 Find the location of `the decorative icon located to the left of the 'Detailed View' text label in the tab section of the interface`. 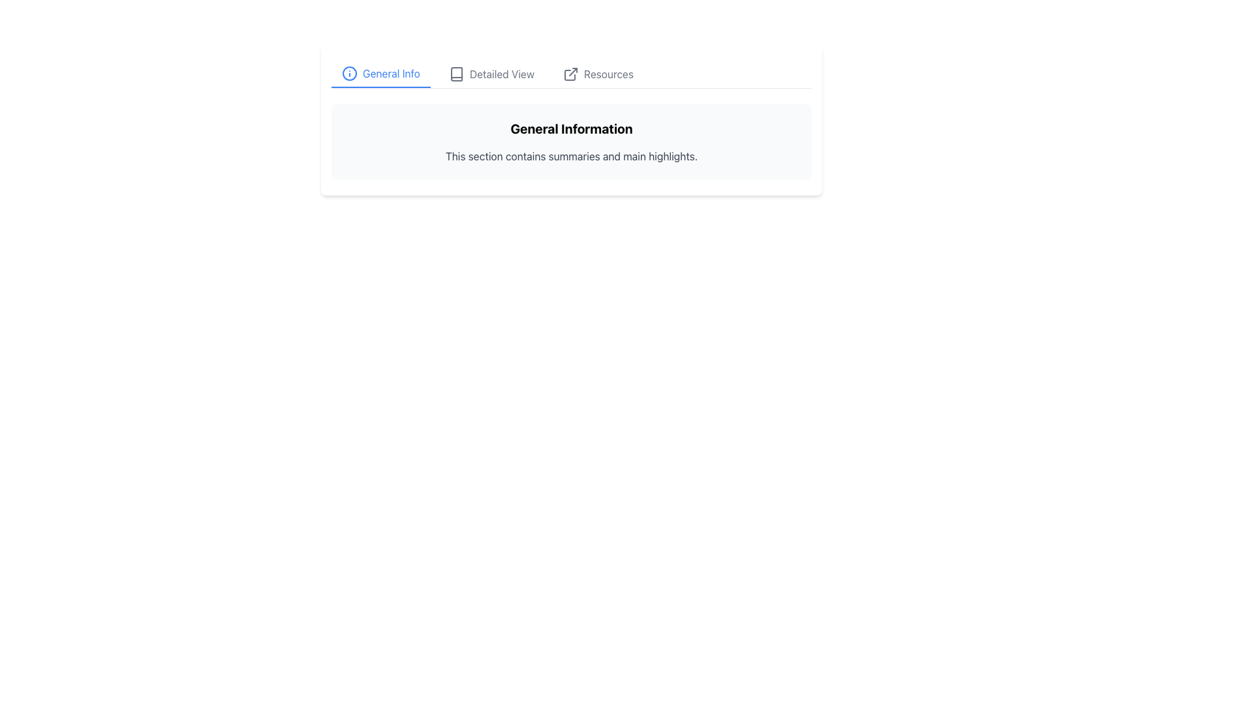

the decorative icon located to the left of the 'Detailed View' text label in the tab section of the interface is located at coordinates (456, 74).